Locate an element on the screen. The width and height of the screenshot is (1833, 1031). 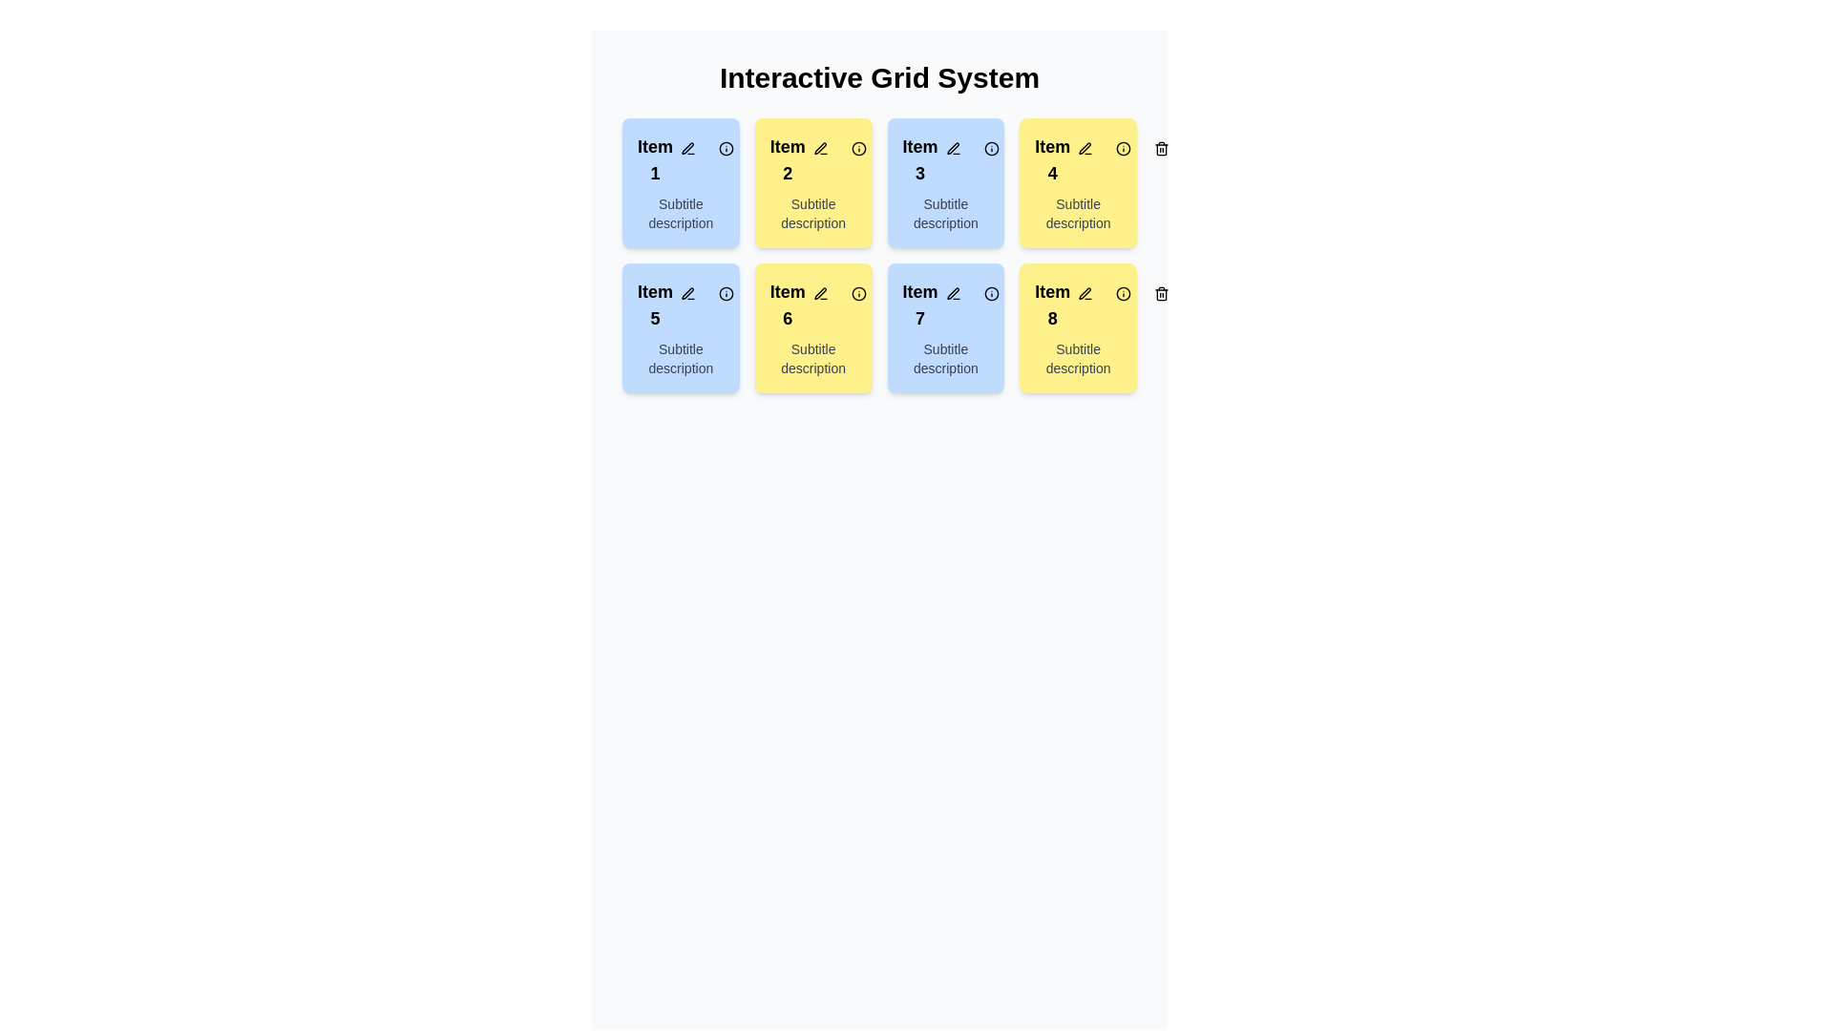
the Interactive information icon, which is a circular icon with an 'i' symbol, located in the top-right area of the card labeled 'Item 2' is located at coordinates (857, 147).